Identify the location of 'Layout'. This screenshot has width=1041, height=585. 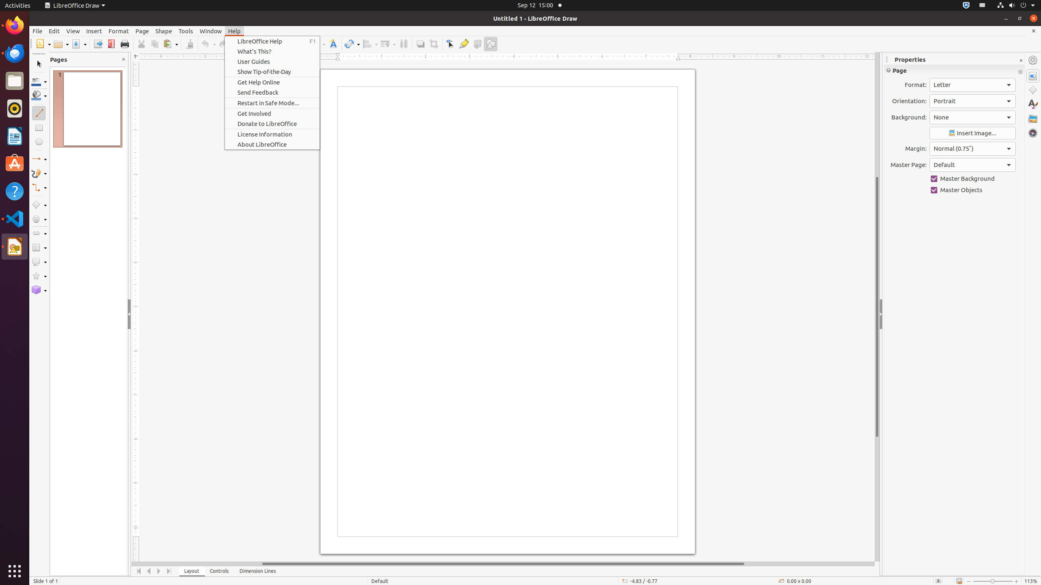
(192, 571).